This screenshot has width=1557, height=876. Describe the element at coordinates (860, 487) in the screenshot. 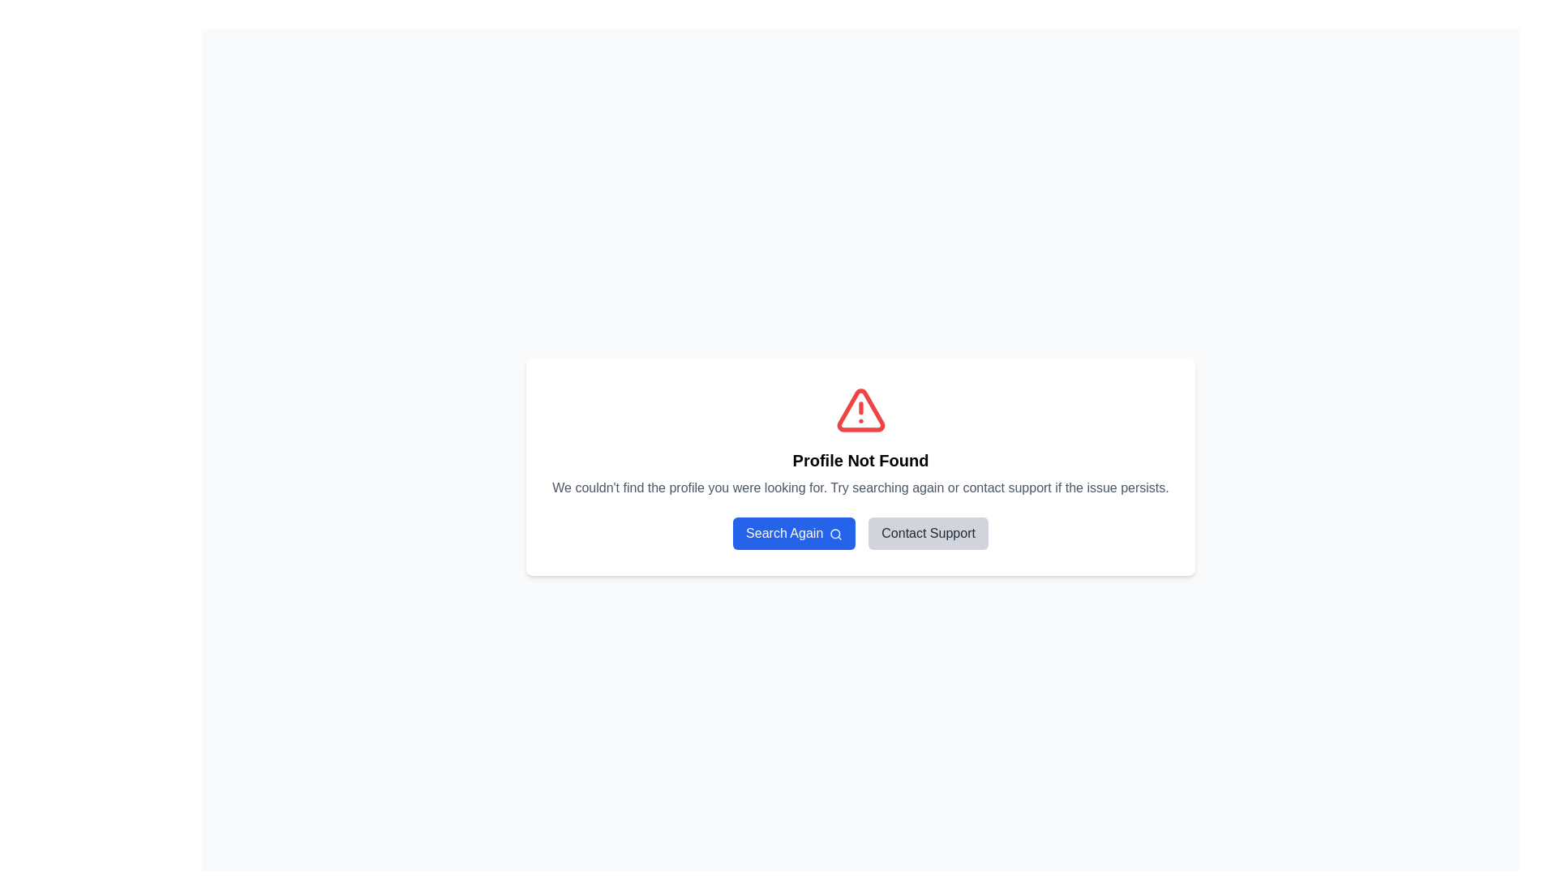

I see `message that is styled with a centered, gray-colored font located under the bold title 'Profile Not Found' and above the buttons labeled 'Search Again' and 'Contact Support.'` at that location.